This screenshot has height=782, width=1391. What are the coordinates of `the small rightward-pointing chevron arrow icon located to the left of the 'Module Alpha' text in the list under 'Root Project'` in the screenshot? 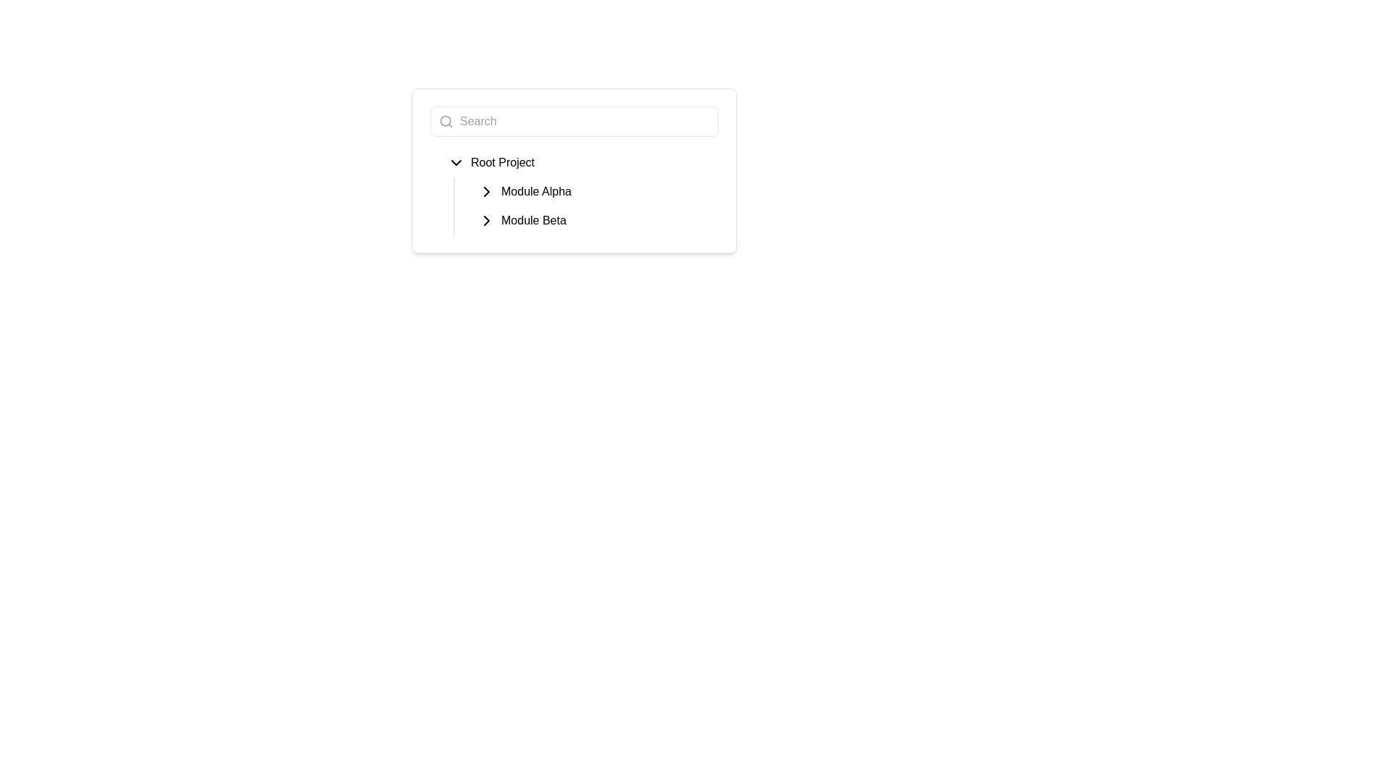 It's located at (487, 191).